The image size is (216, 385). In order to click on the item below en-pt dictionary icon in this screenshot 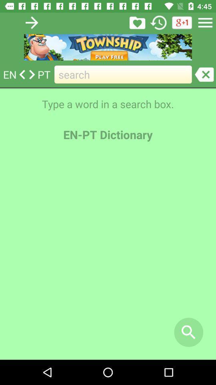, I will do `click(108, 254)`.